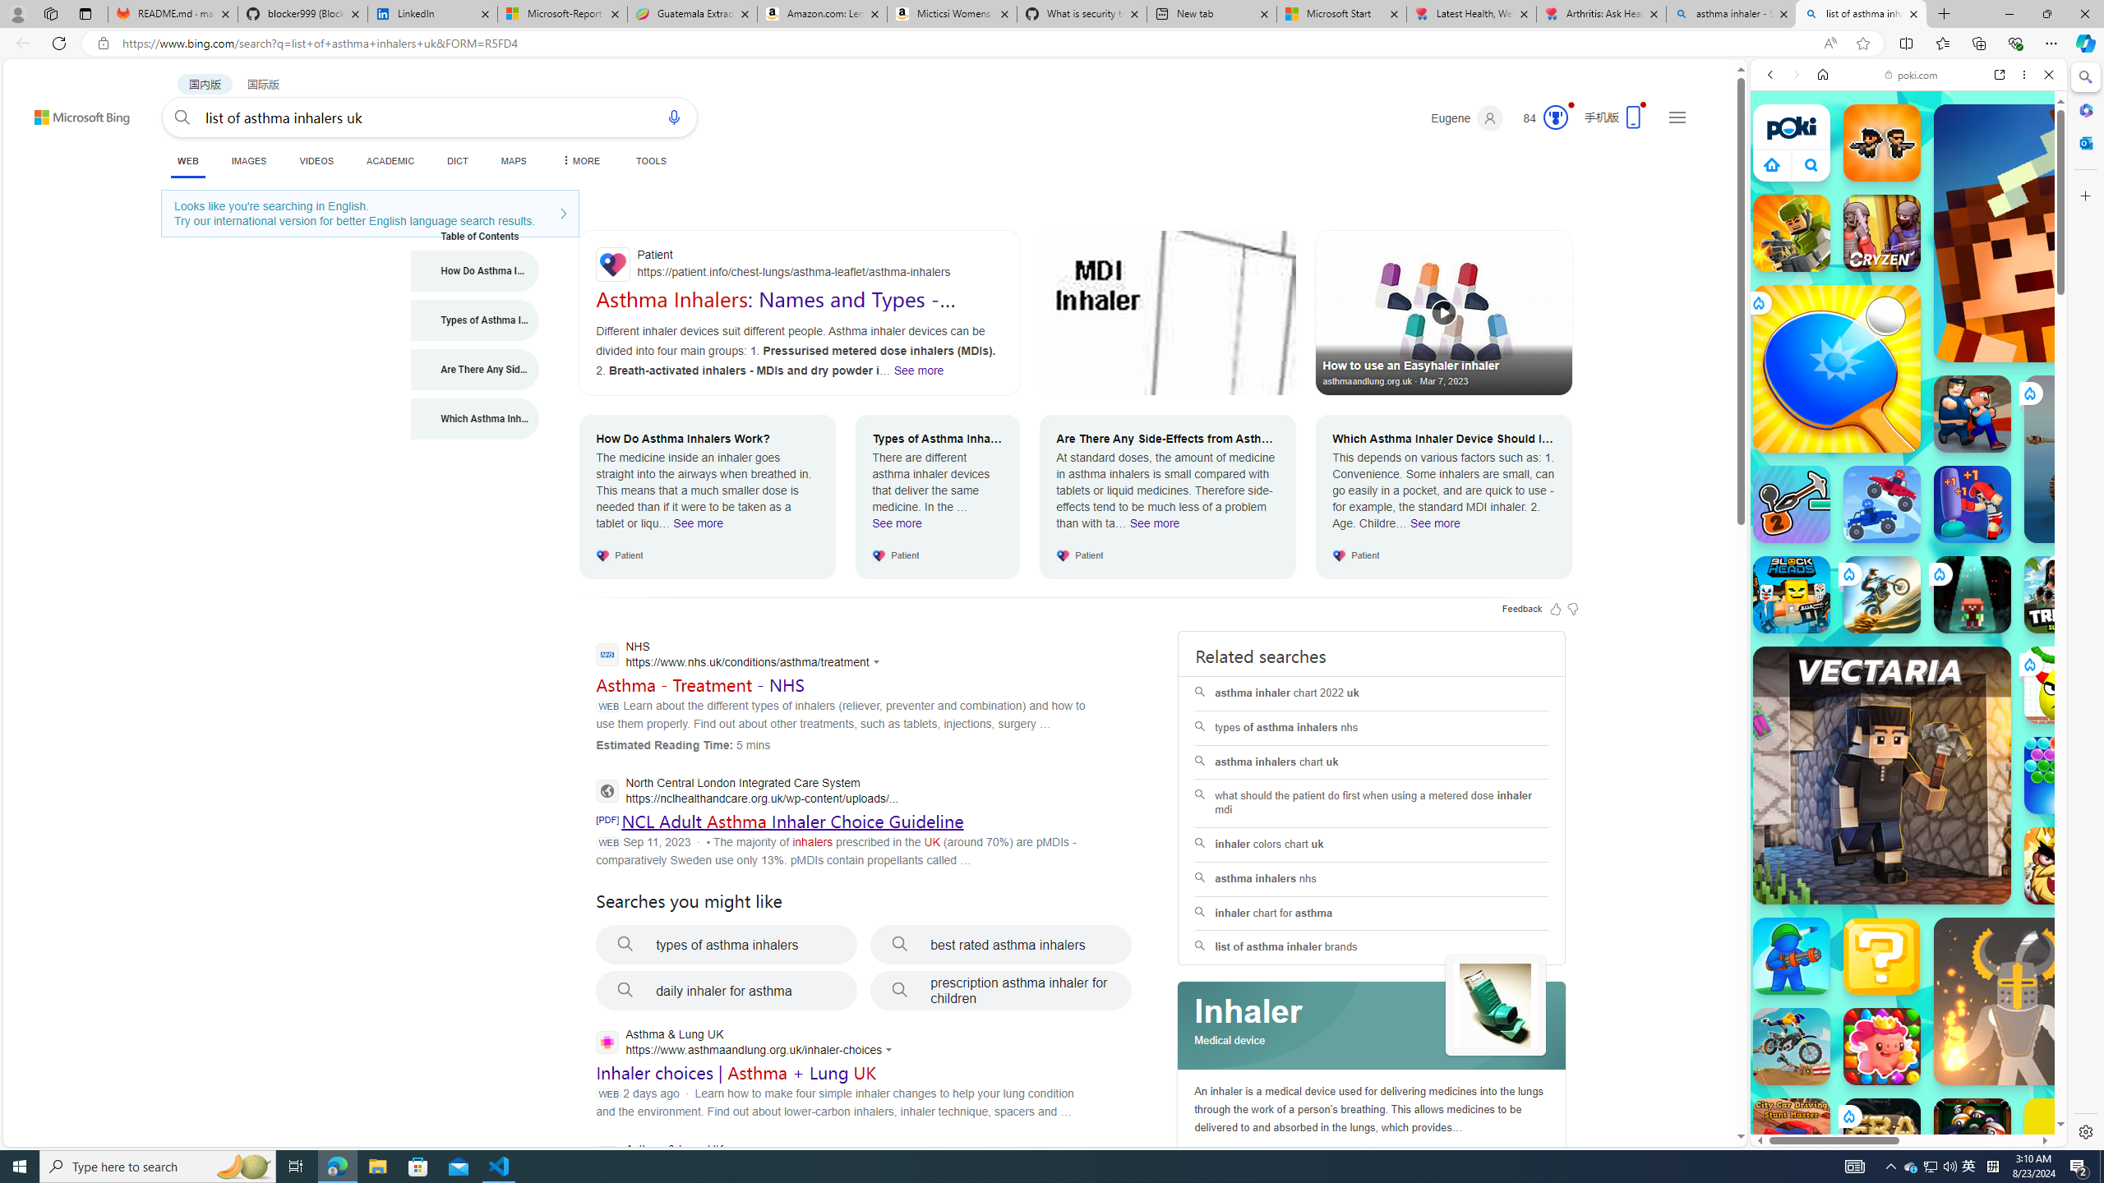 This screenshot has width=2104, height=1183. Describe the element at coordinates (1371, 693) in the screenshot. I see `'asthma inhaler chart 2022 uk'` at that location.